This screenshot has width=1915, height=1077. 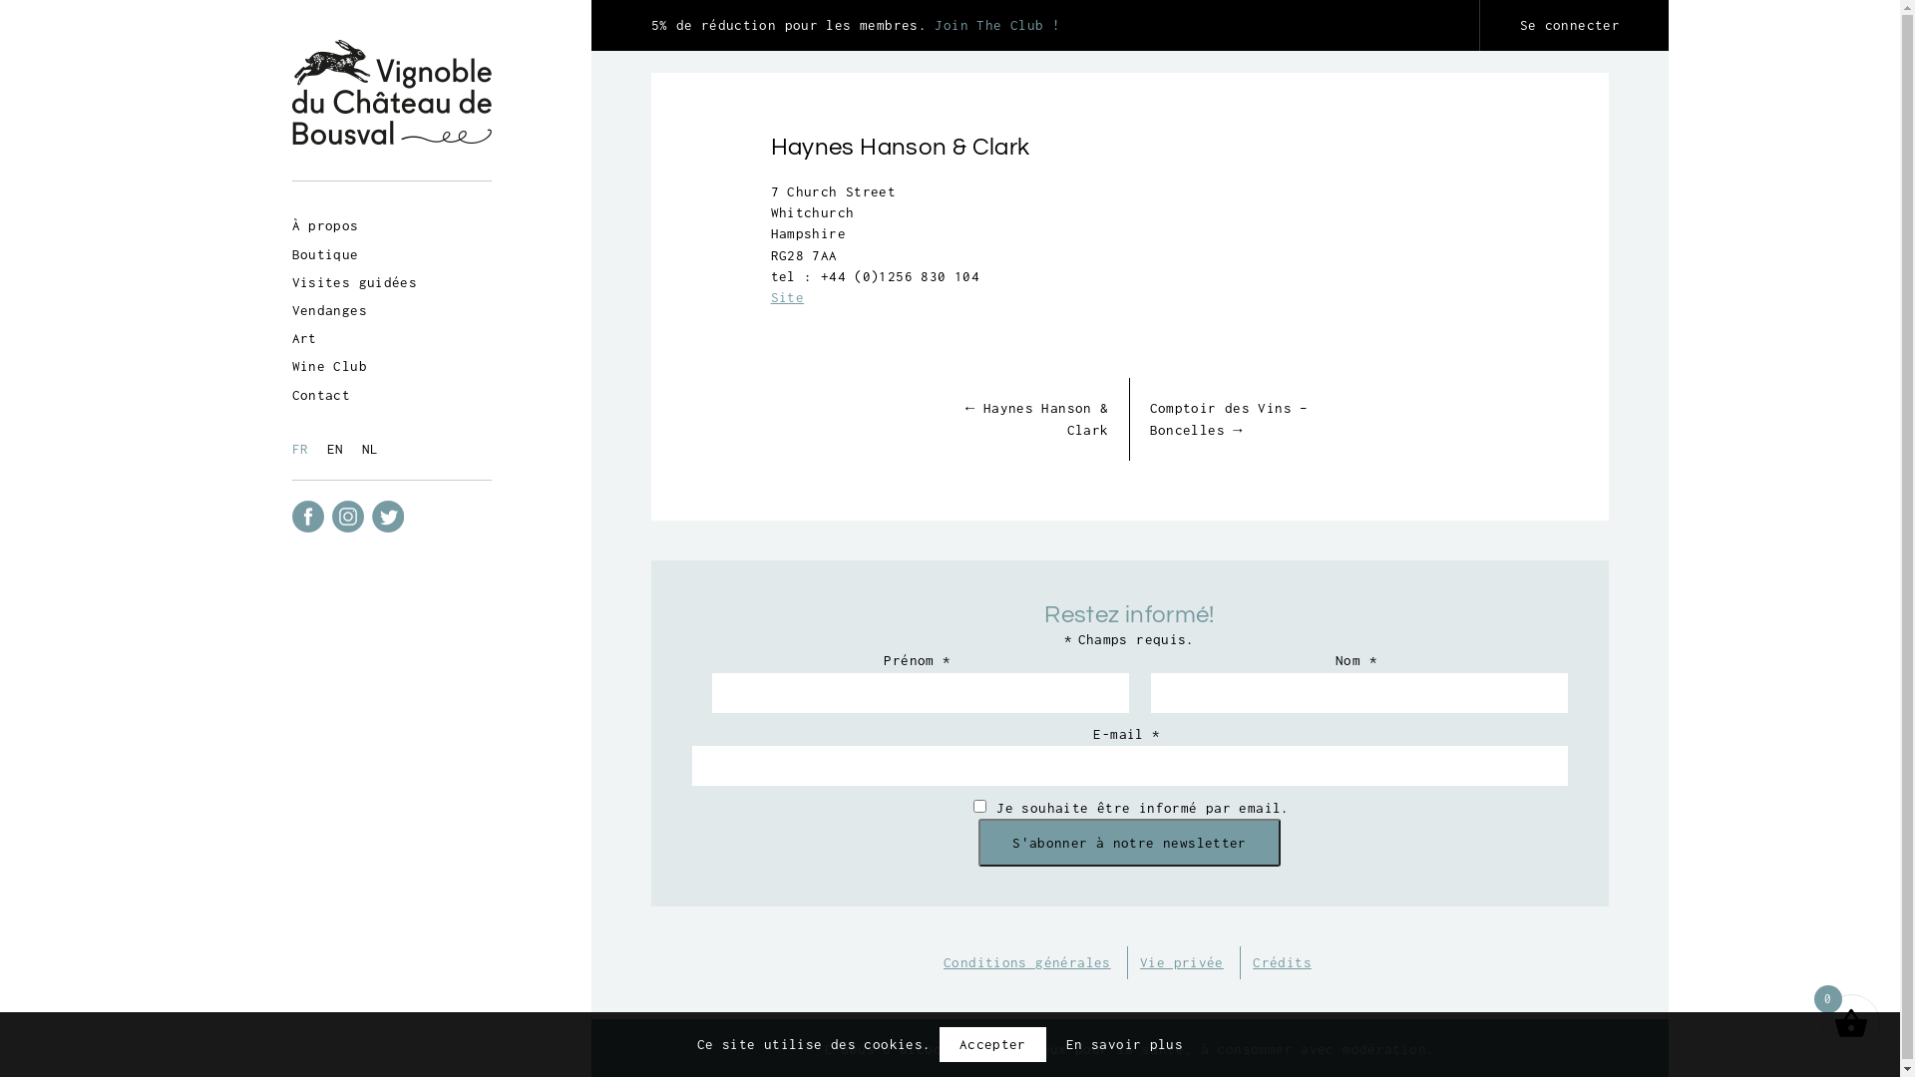 I want to click on 'Vendanges', so click(x=330, y=310).